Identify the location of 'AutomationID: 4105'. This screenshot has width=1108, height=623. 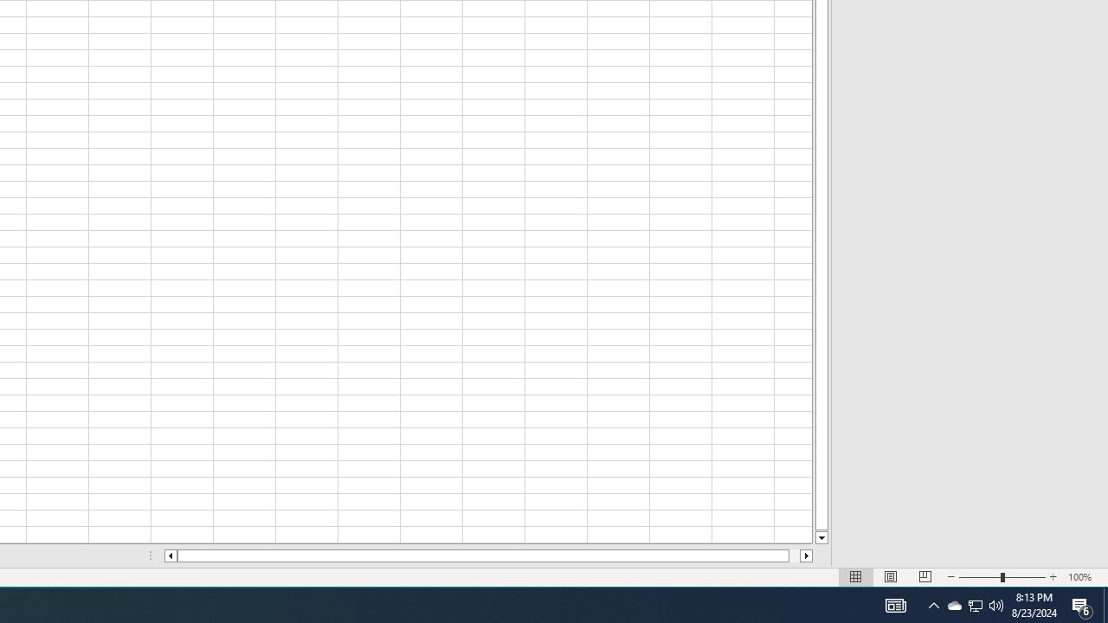
(895, 604).